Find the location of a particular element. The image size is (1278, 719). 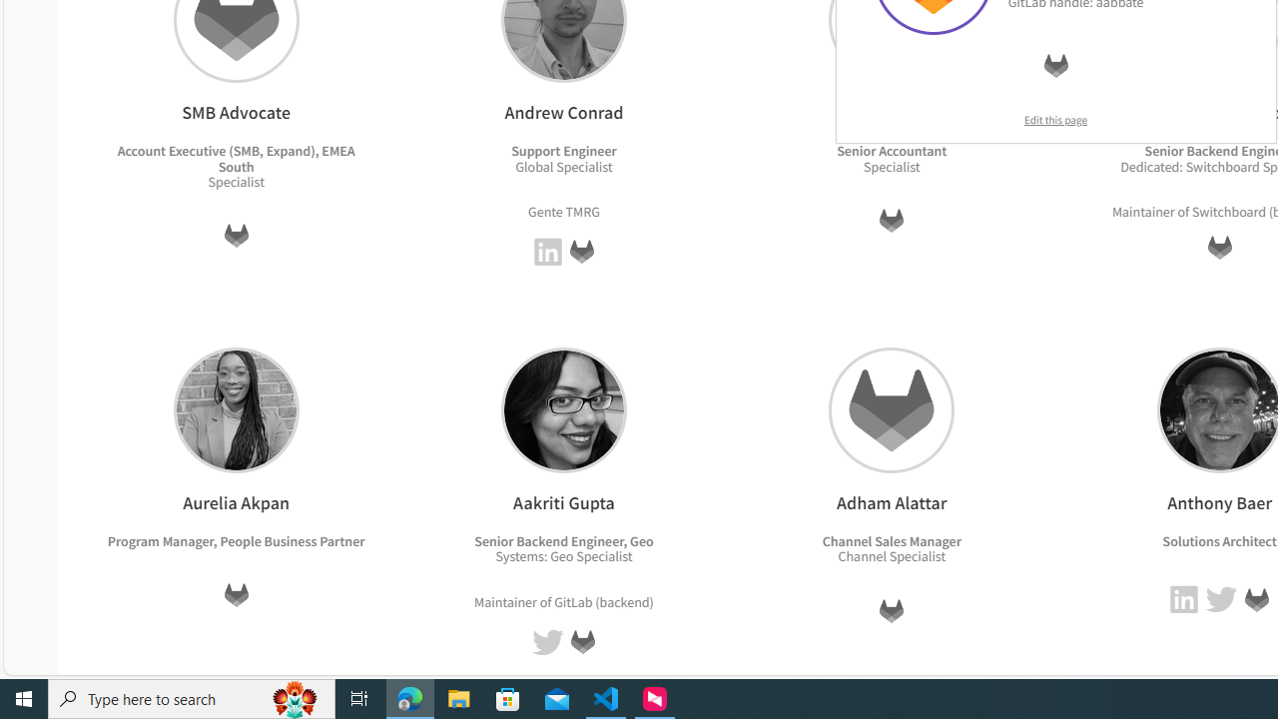

'Switchboard' is located at coordinates (1227, 211).